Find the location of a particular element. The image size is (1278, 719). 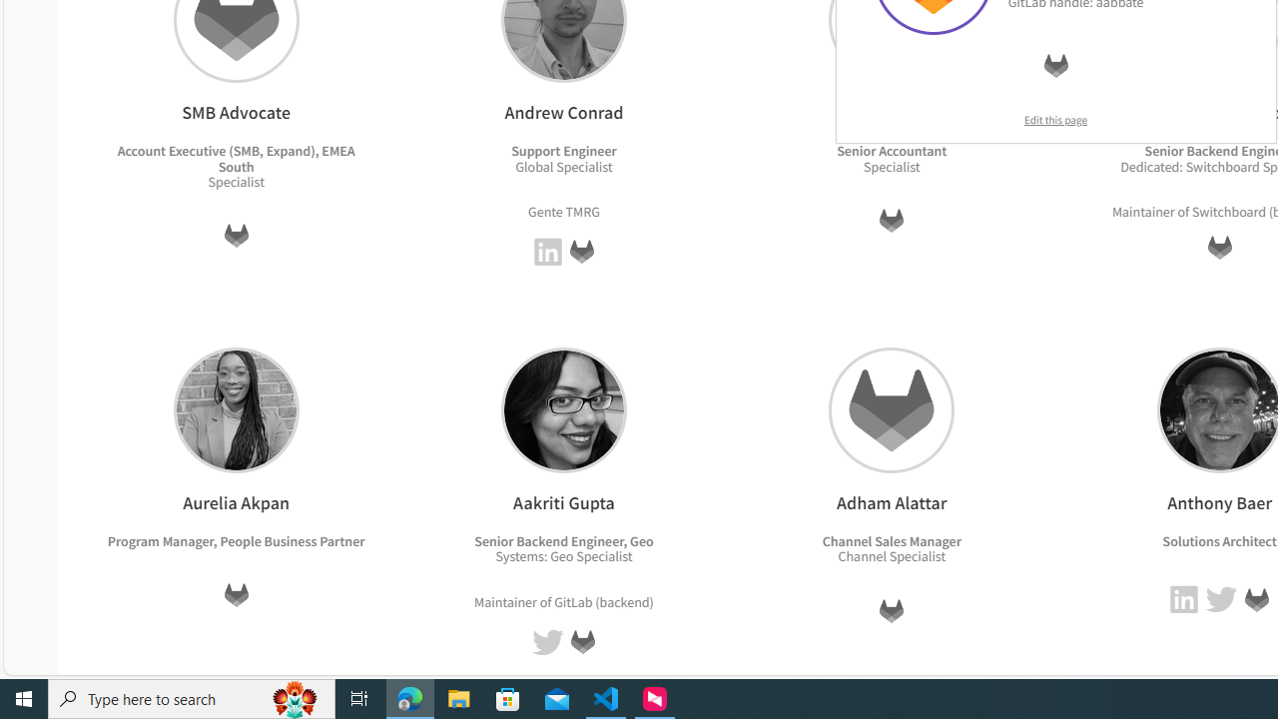

'Switchboard' is located at coordinates (1227, 211).